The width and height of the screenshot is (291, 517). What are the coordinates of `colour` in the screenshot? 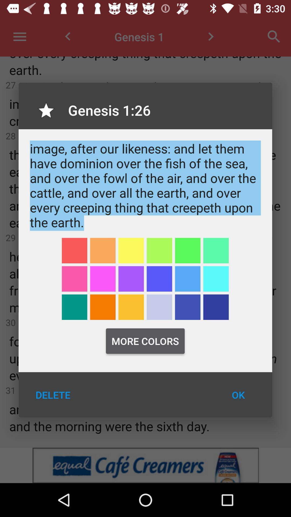 It's located at (131, 307).